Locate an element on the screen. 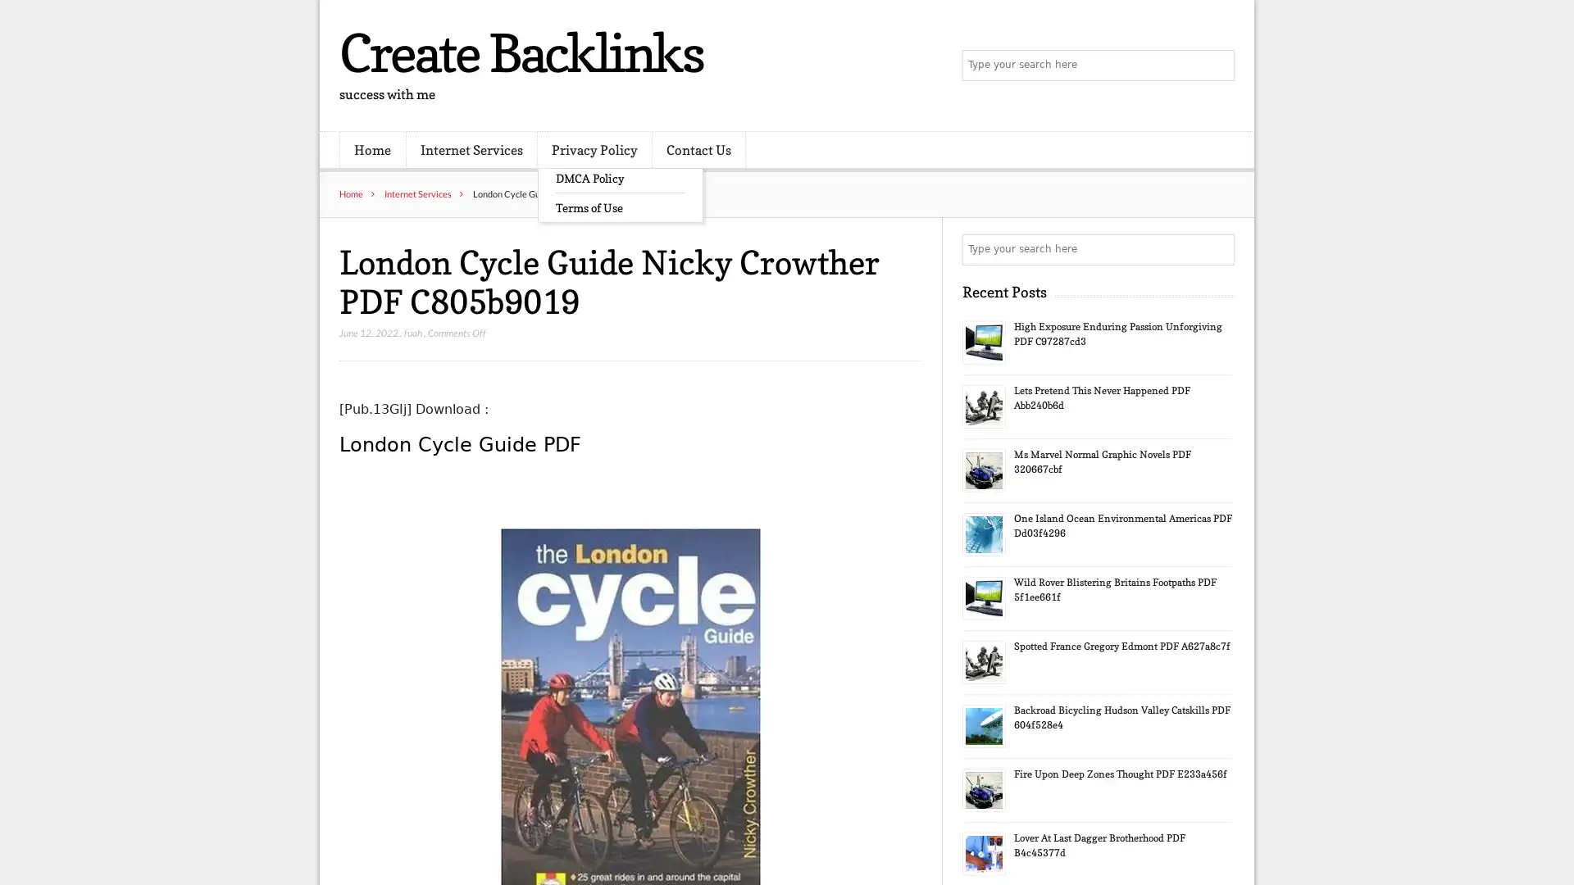 Image resolution: width=1574 pixels, height=885 pixels. Search is located at coordinates (1217, 249).